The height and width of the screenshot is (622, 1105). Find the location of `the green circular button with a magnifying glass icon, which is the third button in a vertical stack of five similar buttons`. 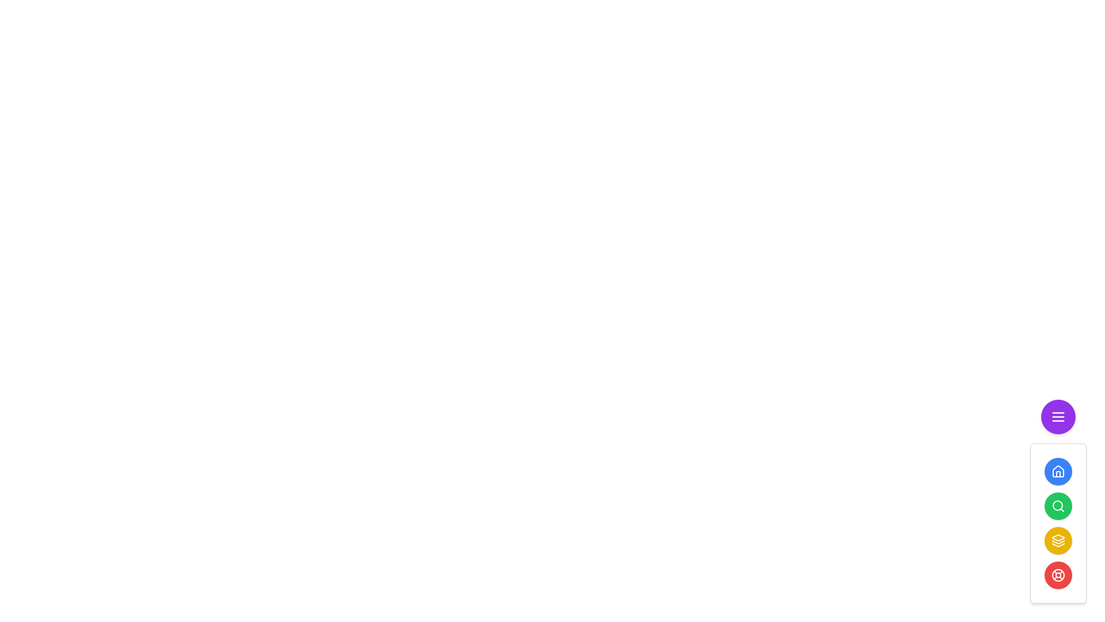

the green circular button with a magnifying glass icon, which is the third button in a vertical stack of five similar buttons is located at coordinates (1058, 501).